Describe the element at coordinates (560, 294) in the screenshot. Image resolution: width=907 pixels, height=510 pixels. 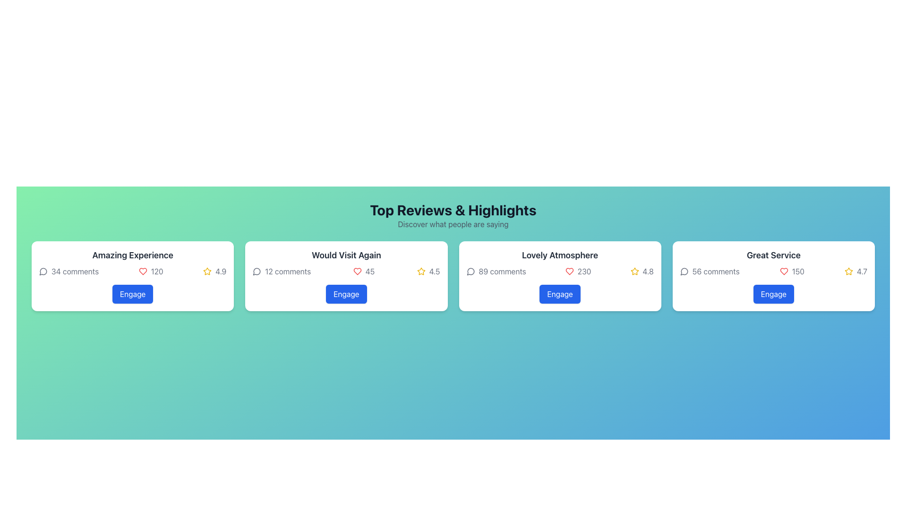
I see `the 'Engage' button located at the bottom of the card showcasing the review 'Lovely Atmosphere' for accessibility navigation` at that location.